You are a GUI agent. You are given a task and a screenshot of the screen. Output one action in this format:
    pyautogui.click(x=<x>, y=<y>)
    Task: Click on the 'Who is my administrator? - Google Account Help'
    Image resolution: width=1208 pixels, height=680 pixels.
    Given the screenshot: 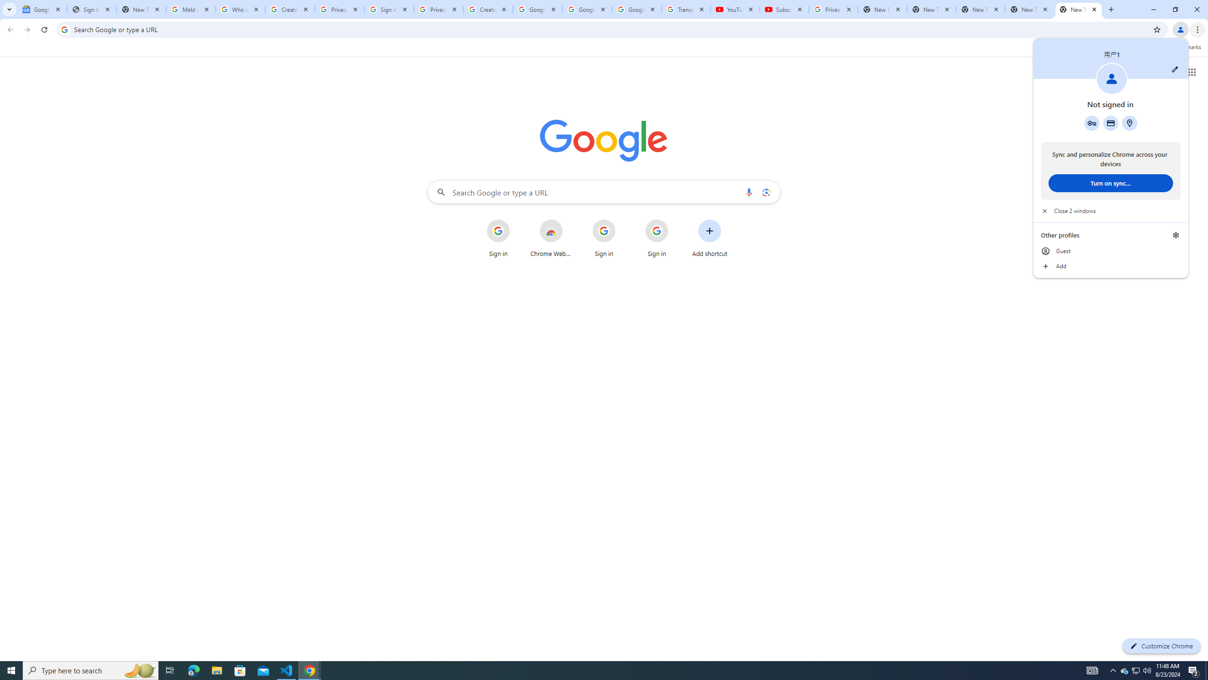 What is the action you would take?
    pyautogui.click(x=240, y=9)
    